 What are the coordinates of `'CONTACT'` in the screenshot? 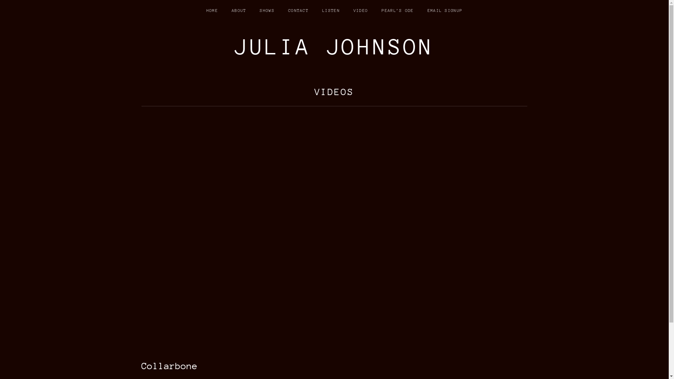 It's located at (298, 11).